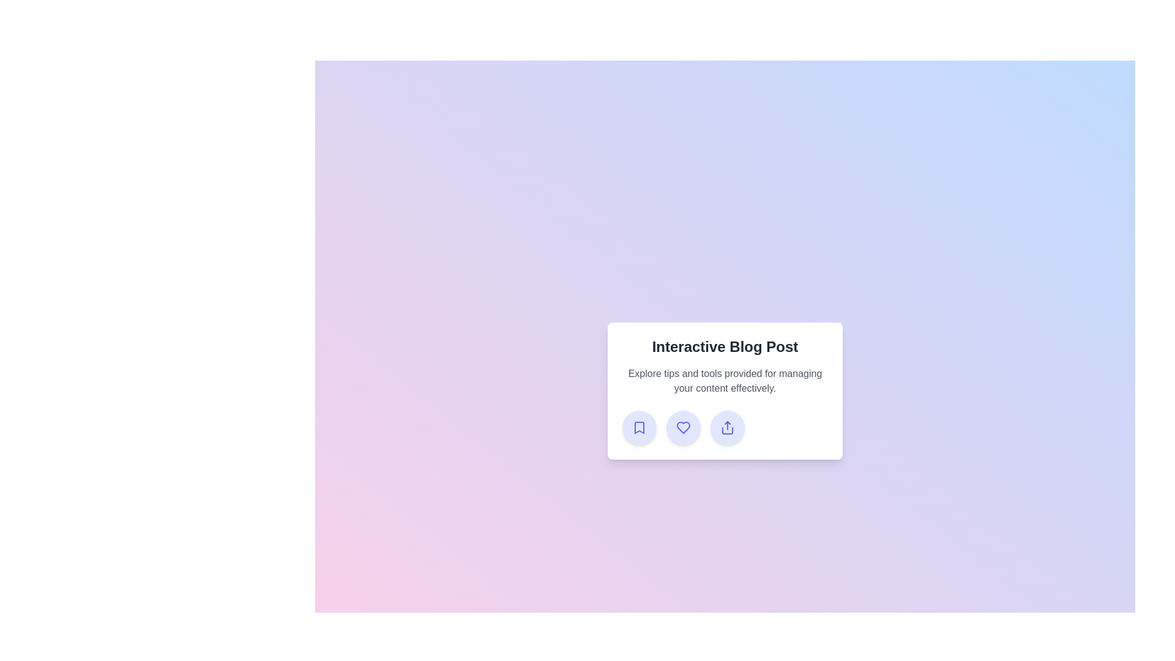 This screenshot has height=661, width=1175. What do you see at coordinates (683, 427) in the screenshot?
I see `the heart-shaped button with a light blue background and blue outlined icon, which is the second button in a horizontal group of three located beneath the 'Interactive Blog Post' title` at bounding box center [683, 427].